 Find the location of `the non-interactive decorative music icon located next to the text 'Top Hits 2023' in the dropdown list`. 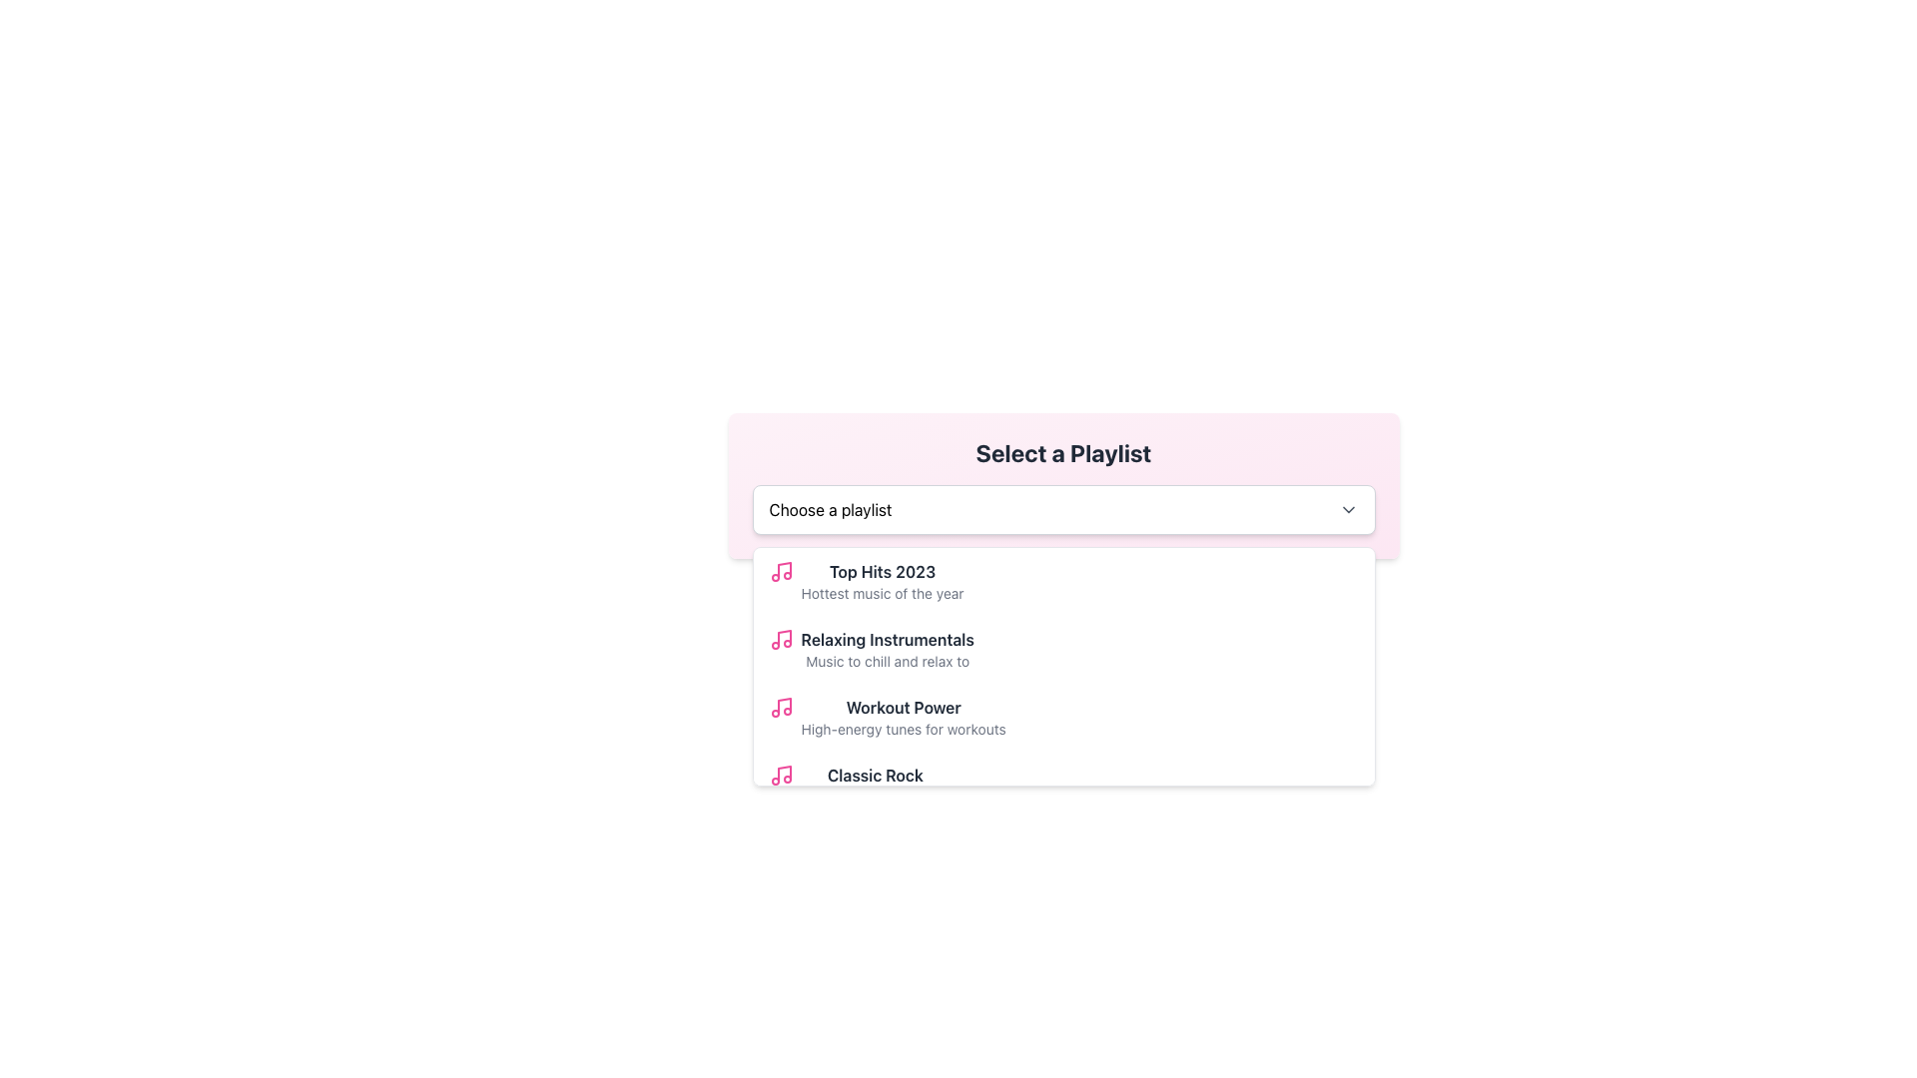

the non-interactive decorative music icon located next to the text 'Top Hits 2023' in the dropdown list is located at coordinates (783, 570).